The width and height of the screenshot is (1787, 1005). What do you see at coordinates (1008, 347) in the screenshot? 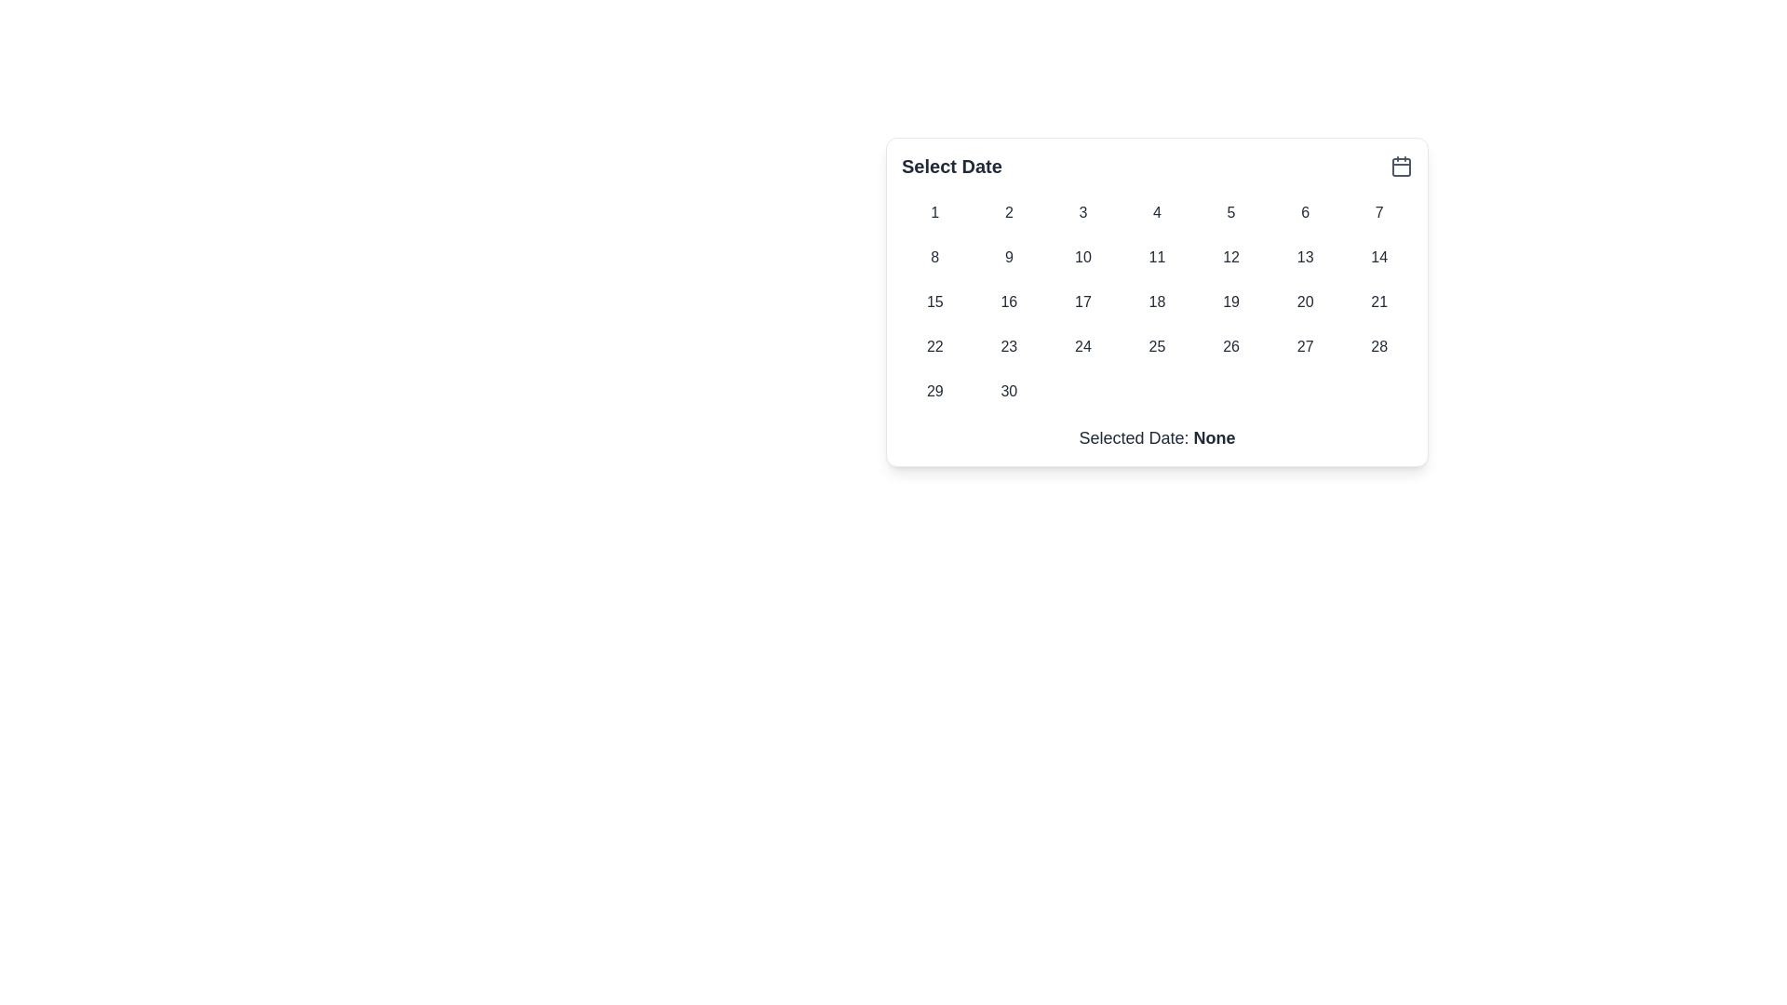
I see `the rounded rectangle button displaying the number '23'` at bounding box center [1008, 347].